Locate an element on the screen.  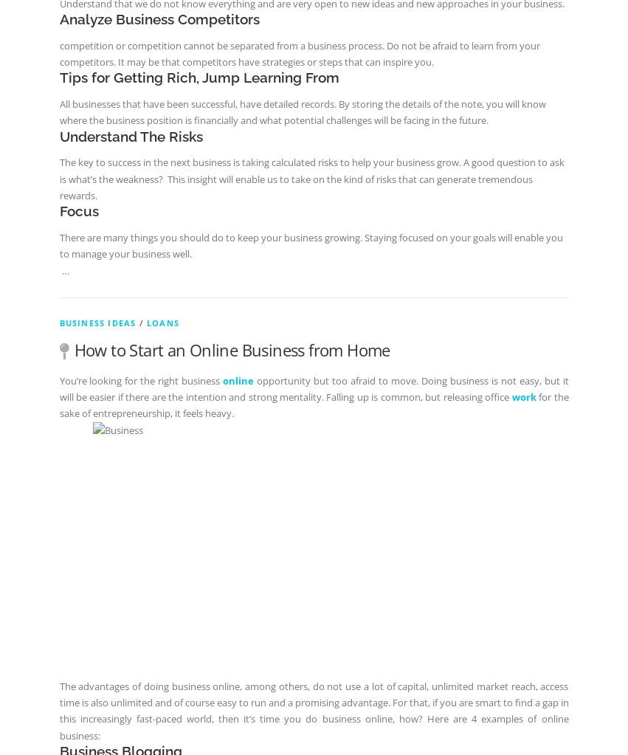
'The key to success in the next business is taking calculated risks to help your business grow. A good question to ask is what’s the weakness?  This insight will enable us to take on the kind of risks that can generate tremendous rewards.' is located at coordinates (311, 179).